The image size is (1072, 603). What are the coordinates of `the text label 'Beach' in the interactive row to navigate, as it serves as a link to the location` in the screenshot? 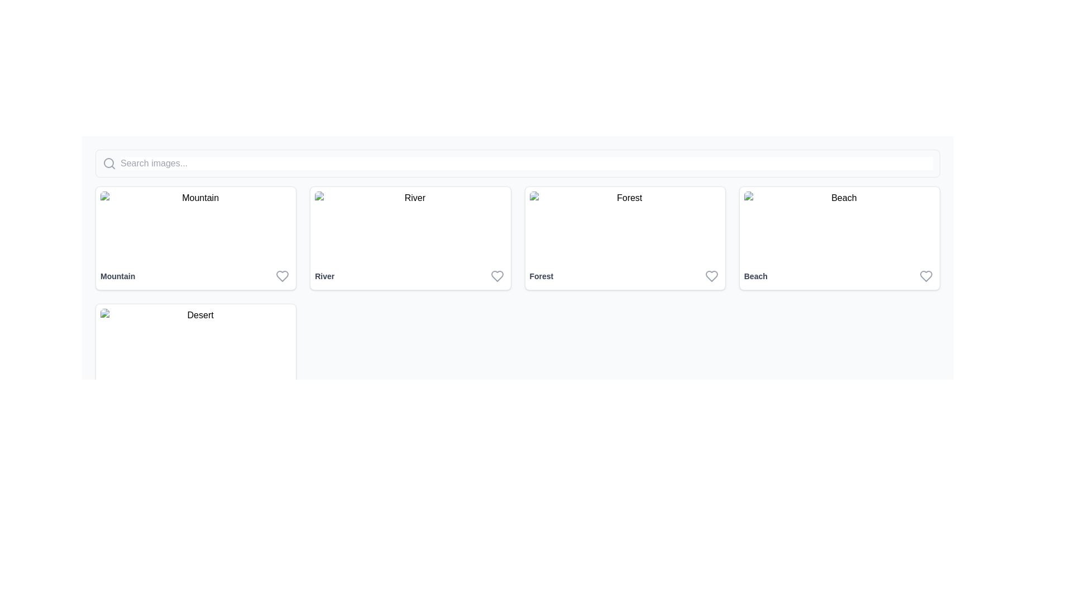 It's located at (839, 276).